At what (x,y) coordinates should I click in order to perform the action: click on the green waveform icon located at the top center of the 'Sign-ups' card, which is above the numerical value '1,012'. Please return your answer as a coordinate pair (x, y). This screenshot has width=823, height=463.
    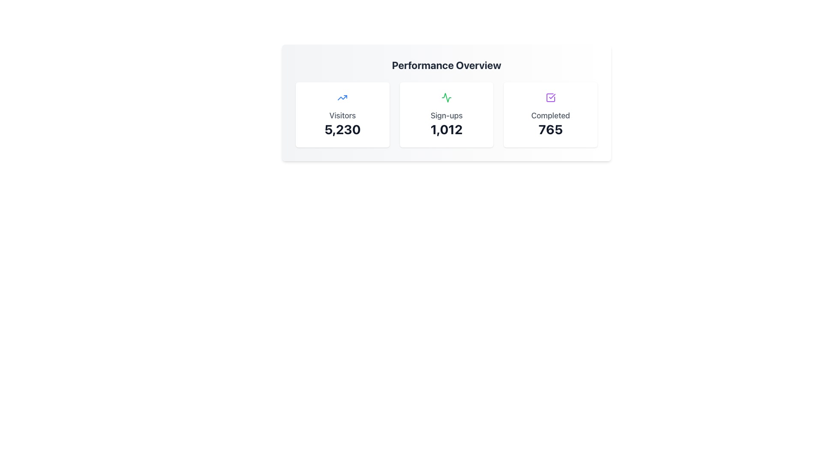
    Looking at the image, I should click on (446, 97).